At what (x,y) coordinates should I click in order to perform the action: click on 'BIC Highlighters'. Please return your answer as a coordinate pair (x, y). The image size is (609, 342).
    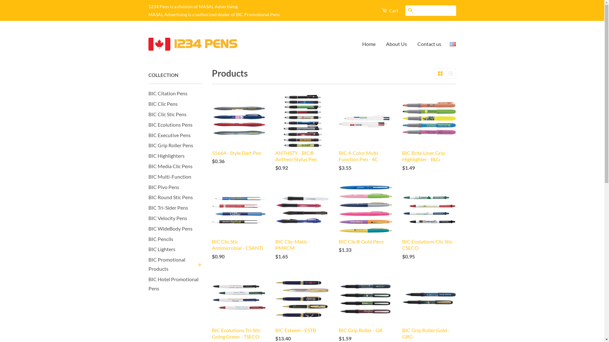
    Looking at the image, I should click on (148, 155).